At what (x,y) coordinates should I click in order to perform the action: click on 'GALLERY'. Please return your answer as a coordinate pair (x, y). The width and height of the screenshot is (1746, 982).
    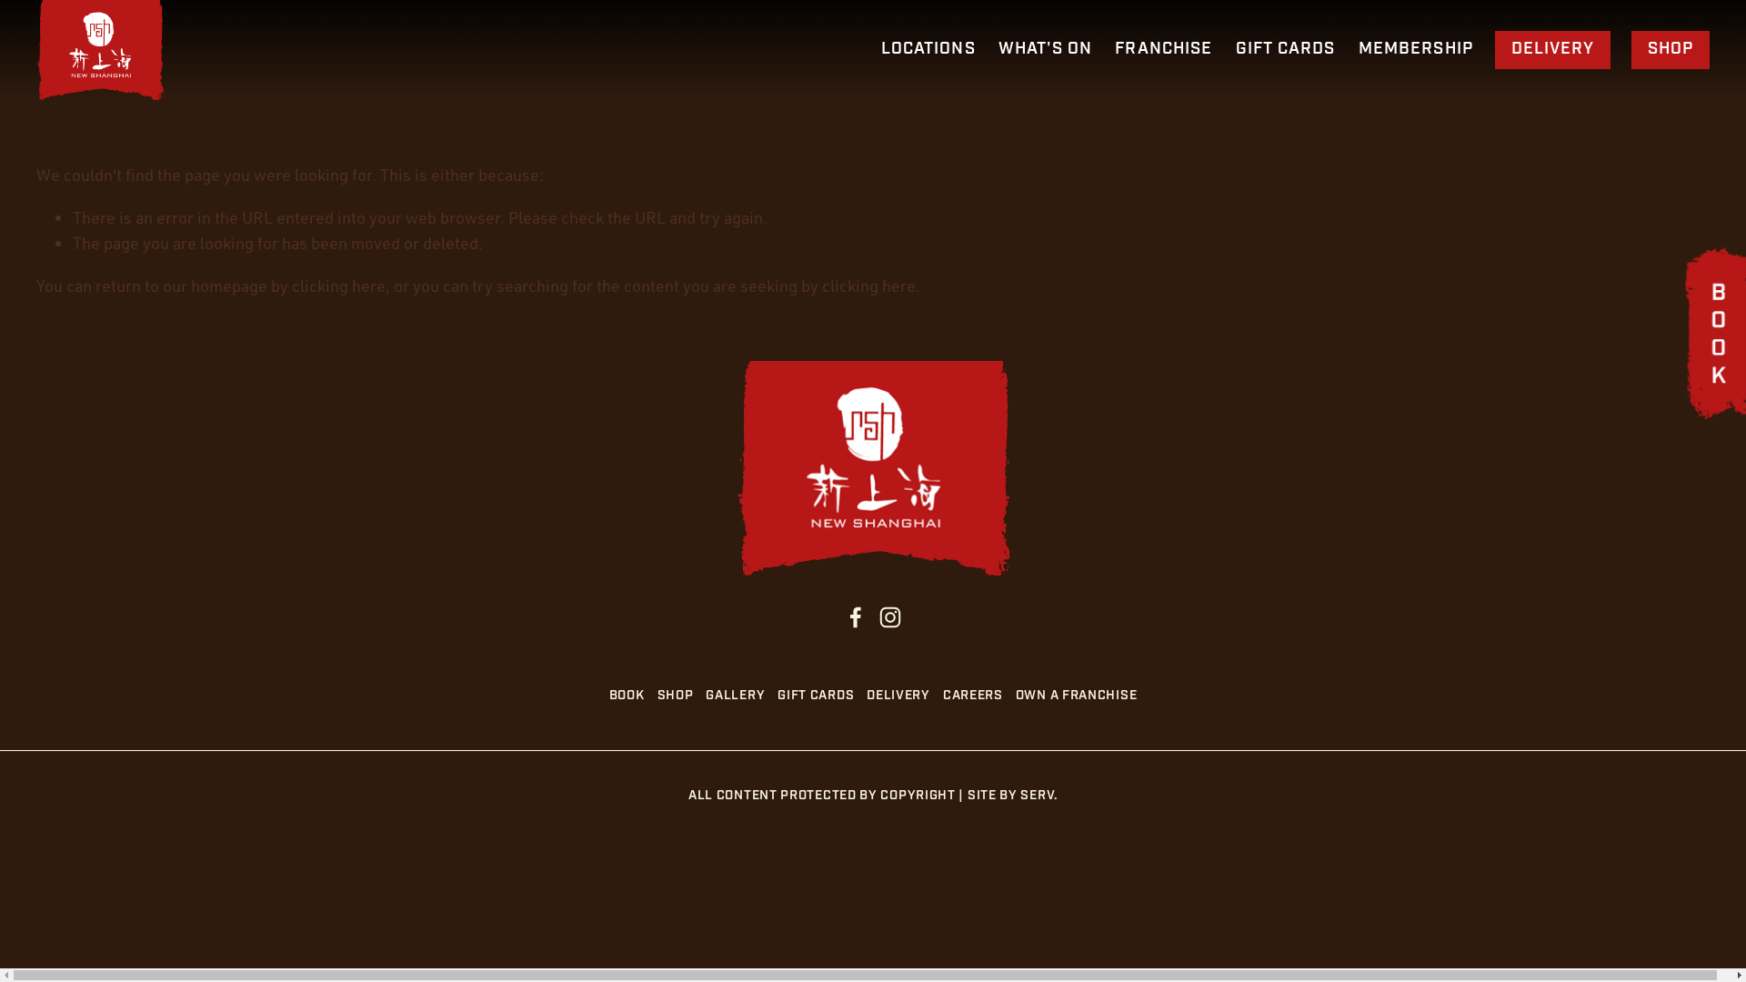
    Looking at the image, I should click on (741, 696).